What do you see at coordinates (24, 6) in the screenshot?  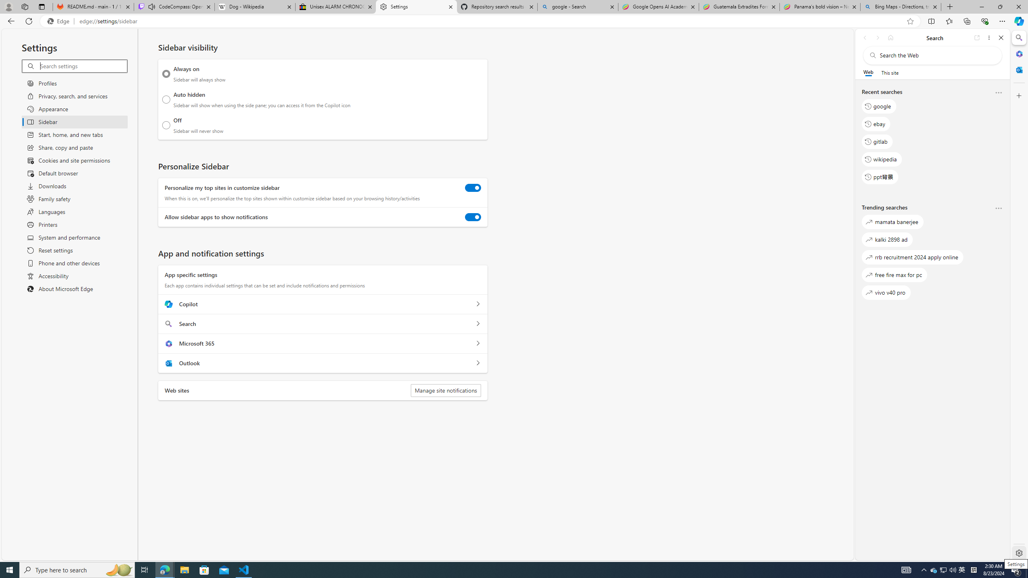 I see `'Workspaces'` at bounding box center [24, 6].